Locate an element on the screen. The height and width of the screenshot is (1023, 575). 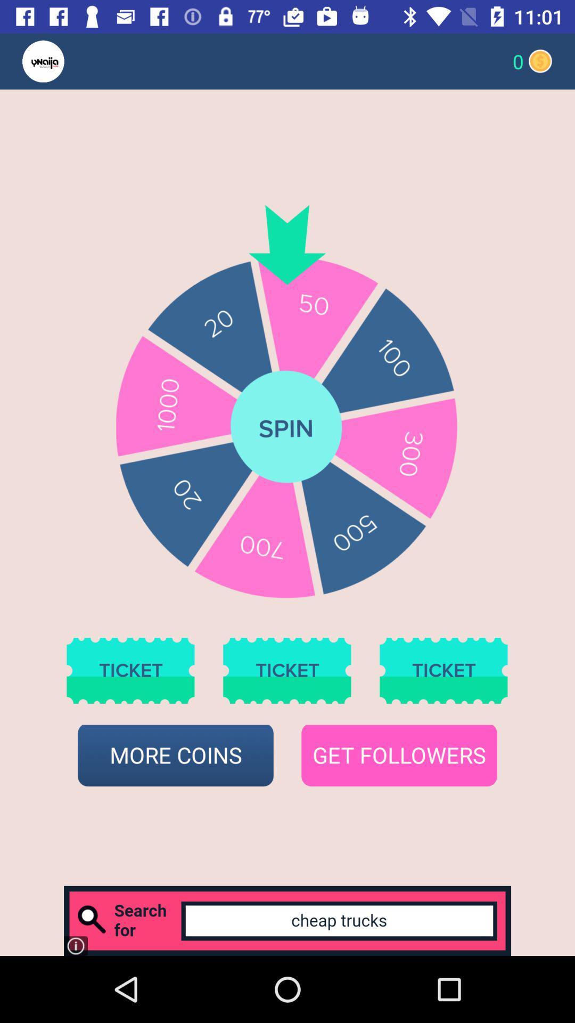
the more coins icon is located at coordinates (175, 755).